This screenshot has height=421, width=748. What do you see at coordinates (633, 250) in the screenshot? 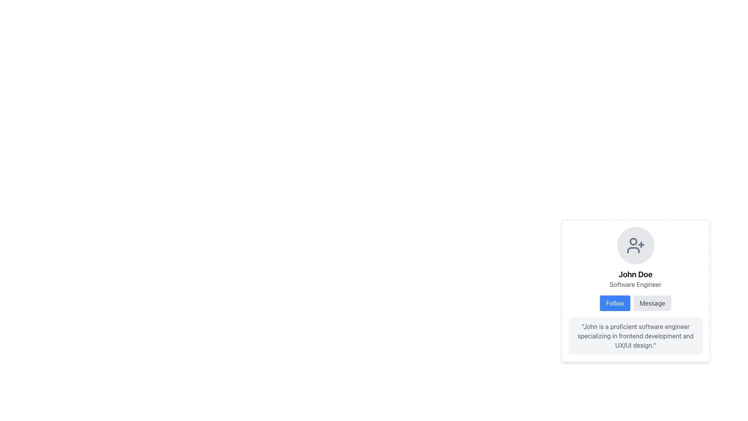
I see `the SVG icon representing a user with a plus sign, which is located above the text 'John Doe' and the role 'Software Engineer'` at bounding box center [633, 250].